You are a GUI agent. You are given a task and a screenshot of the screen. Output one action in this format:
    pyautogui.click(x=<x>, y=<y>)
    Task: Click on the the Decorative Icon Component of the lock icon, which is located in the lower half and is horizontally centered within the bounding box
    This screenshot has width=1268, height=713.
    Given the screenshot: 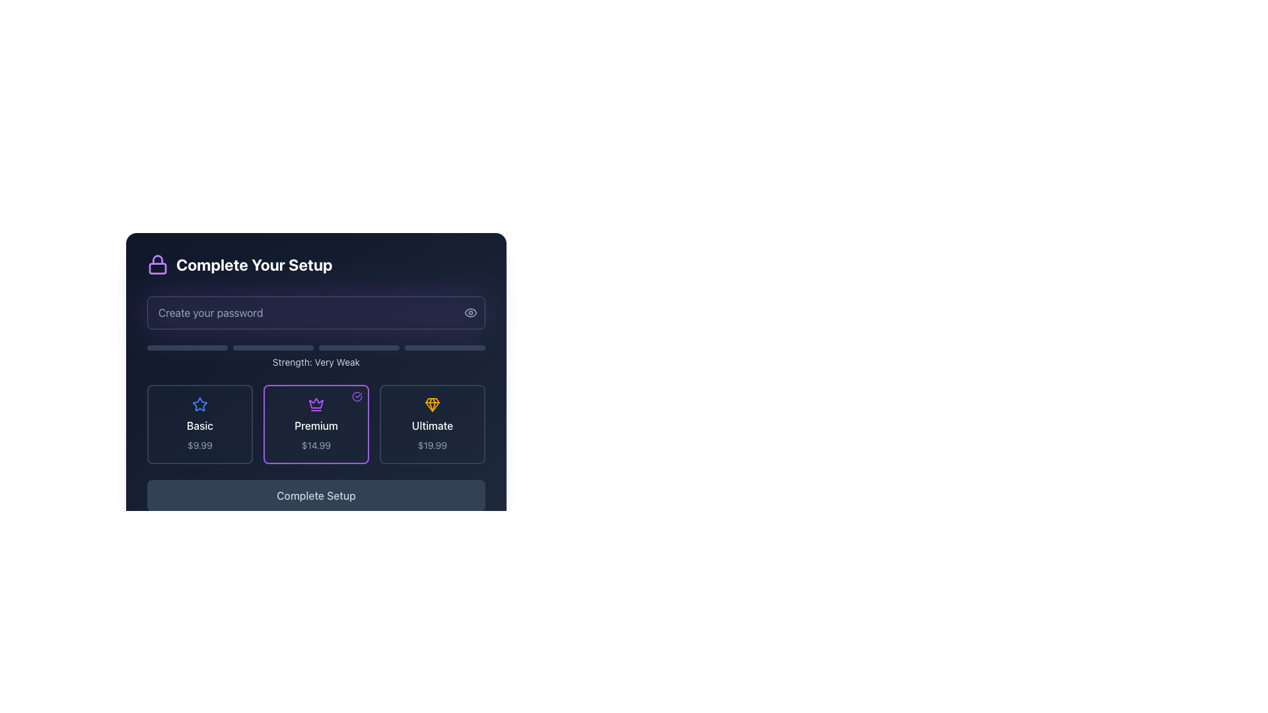 What is the action you would take?
    pyautogui.click(x=158, y=268)
    